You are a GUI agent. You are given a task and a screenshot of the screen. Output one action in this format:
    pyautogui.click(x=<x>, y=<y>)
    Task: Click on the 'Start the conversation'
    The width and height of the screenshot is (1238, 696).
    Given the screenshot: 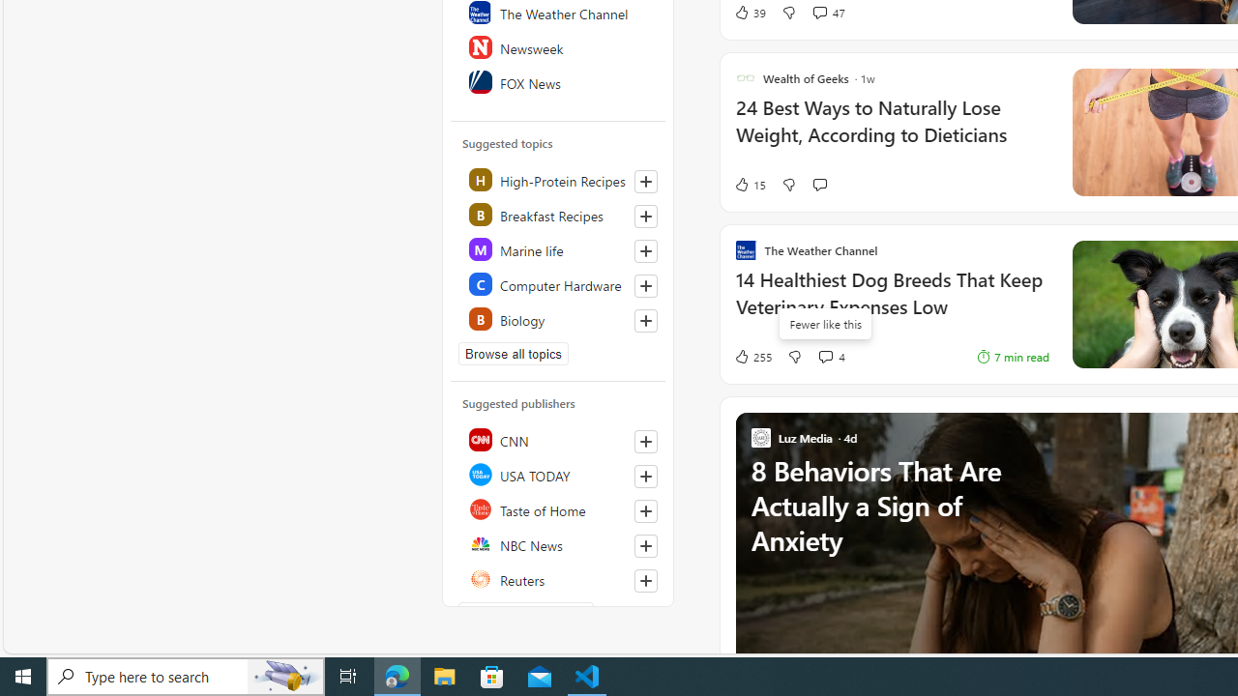 What is the action you would take?
    pyautogui.click(x=819, y=185)
    